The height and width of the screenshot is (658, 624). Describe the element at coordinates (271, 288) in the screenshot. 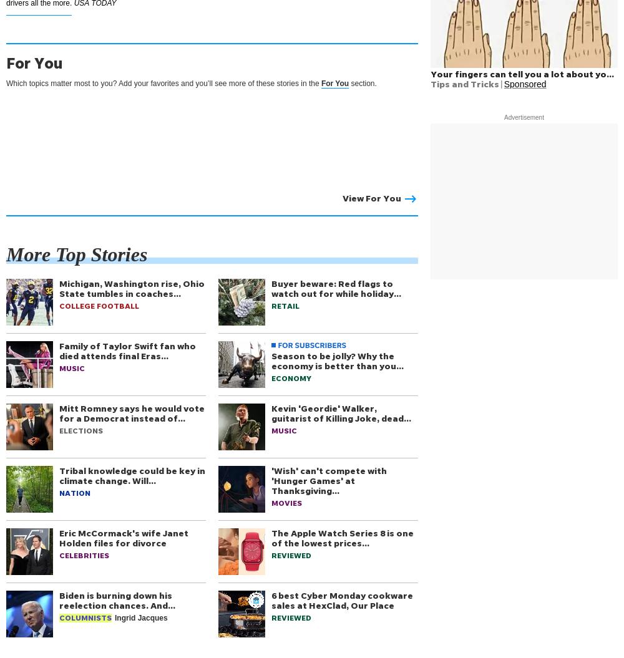

I see `'Buyer beware: Red flags to watch out for while holiday…'` at that location.